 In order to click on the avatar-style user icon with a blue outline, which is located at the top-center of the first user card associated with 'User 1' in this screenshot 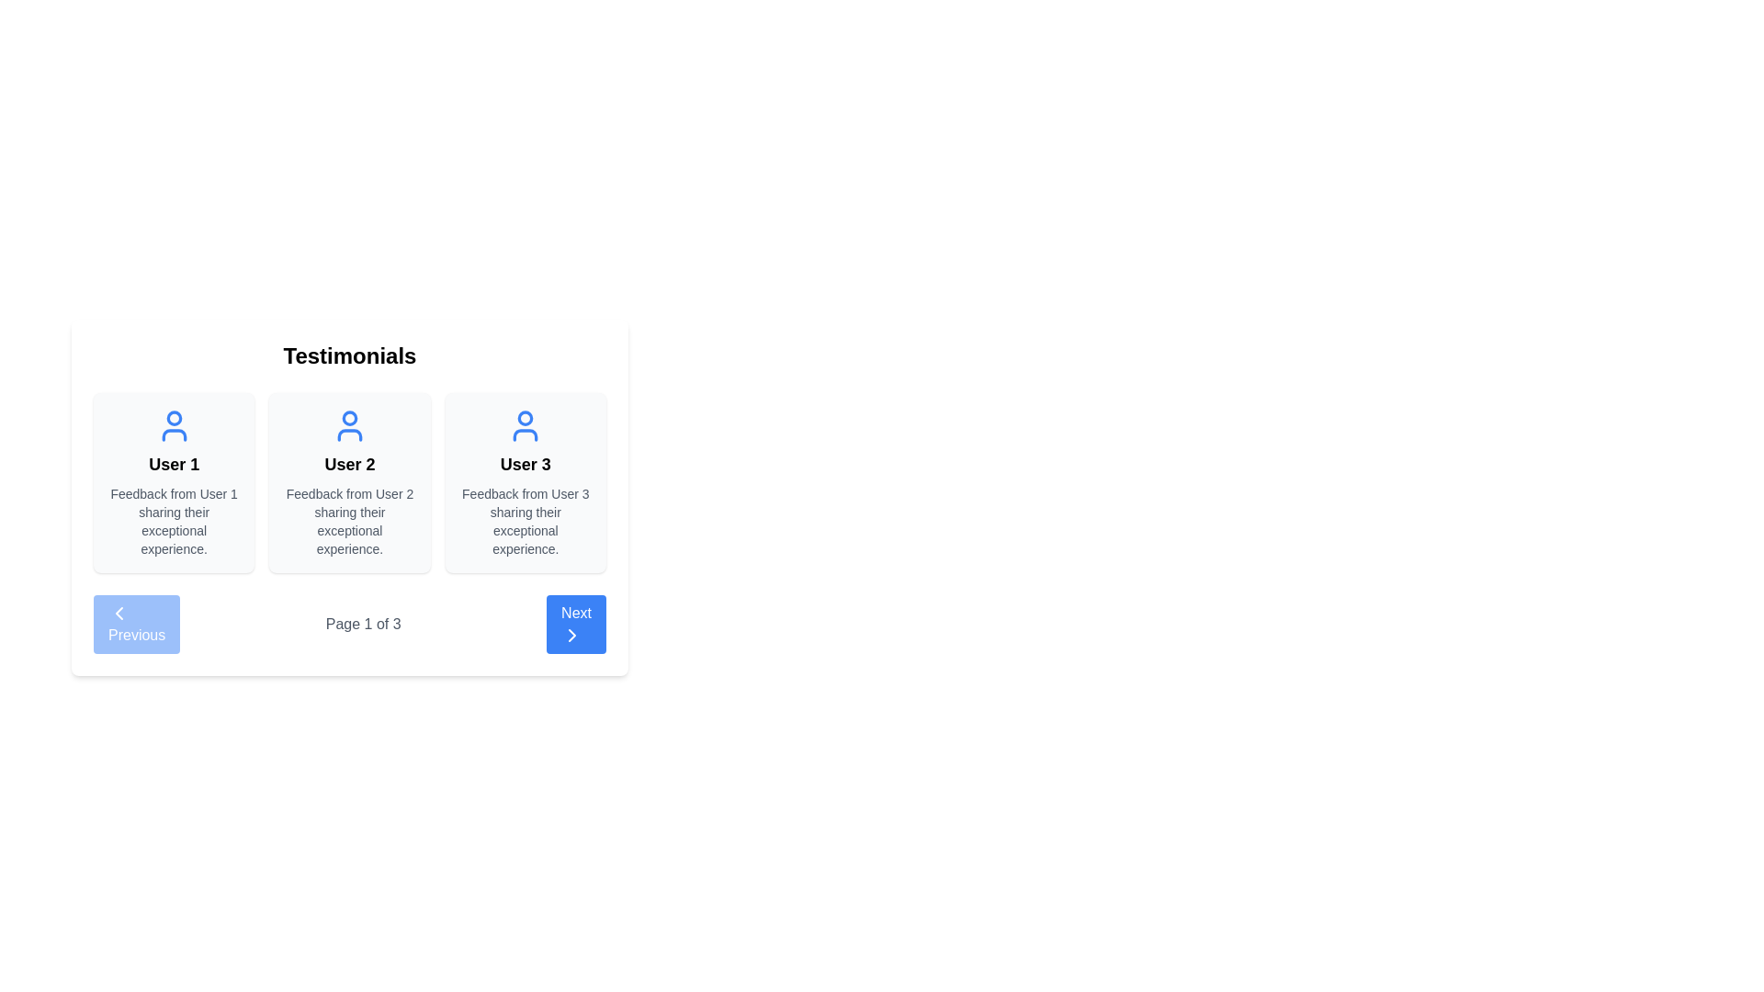, I will do `click(174, 425)`.